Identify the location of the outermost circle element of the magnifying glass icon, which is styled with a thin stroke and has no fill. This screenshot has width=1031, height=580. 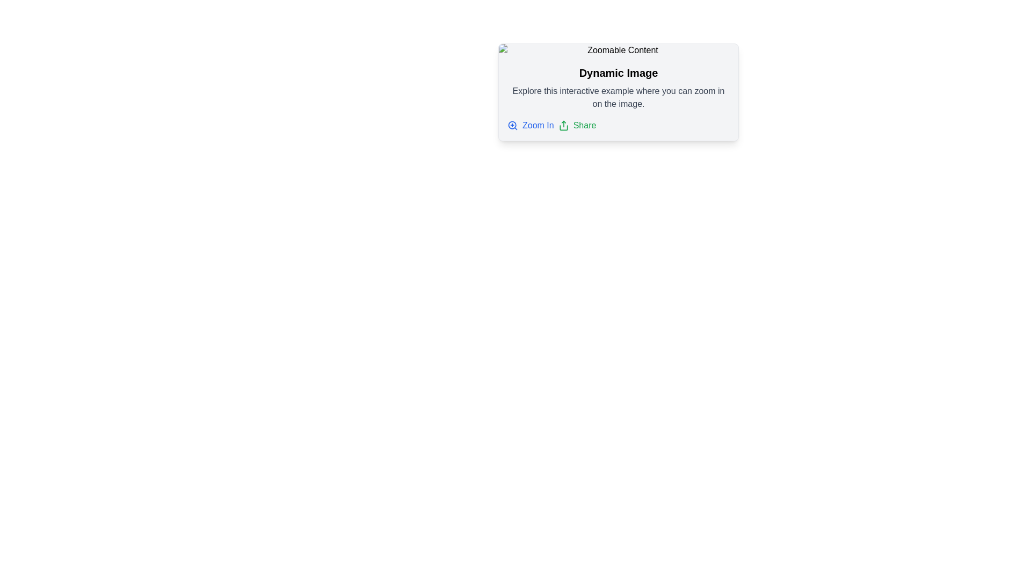
(512, 125).